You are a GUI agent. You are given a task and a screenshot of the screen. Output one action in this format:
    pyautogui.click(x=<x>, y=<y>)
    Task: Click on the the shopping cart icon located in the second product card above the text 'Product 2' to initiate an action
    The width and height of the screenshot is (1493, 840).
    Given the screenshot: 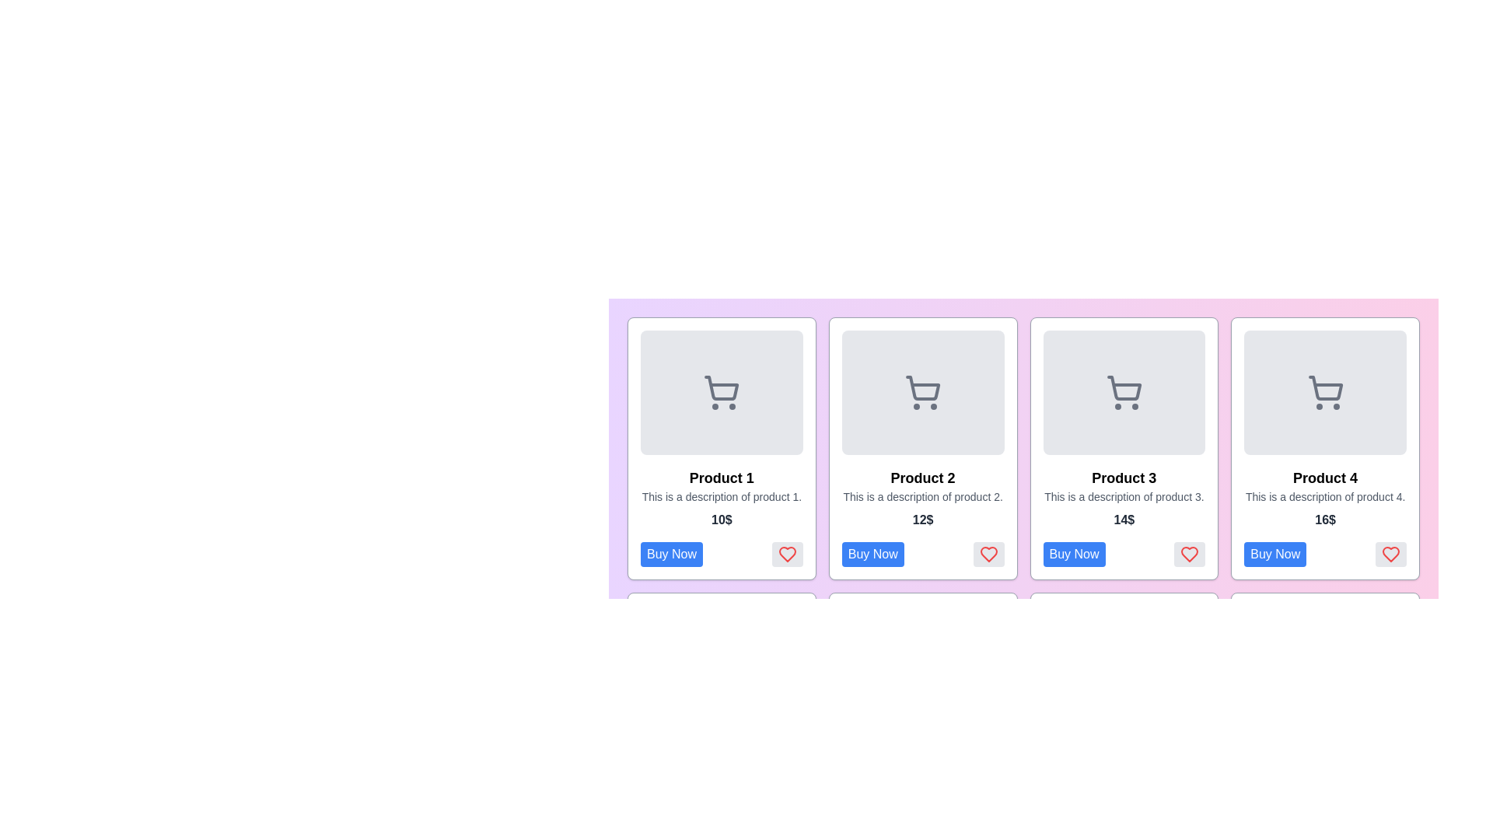 What is the action you would take?
    pyautogui.click(x=923, y=392)
    